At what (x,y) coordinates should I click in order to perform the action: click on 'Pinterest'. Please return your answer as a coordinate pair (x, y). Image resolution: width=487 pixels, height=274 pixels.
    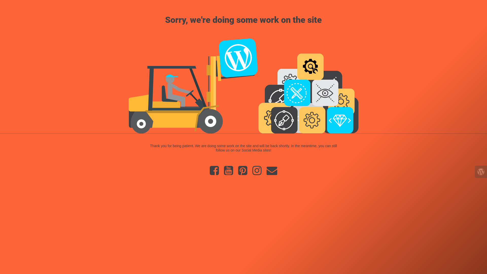
    Looking at the image, I should click on (242, 173).